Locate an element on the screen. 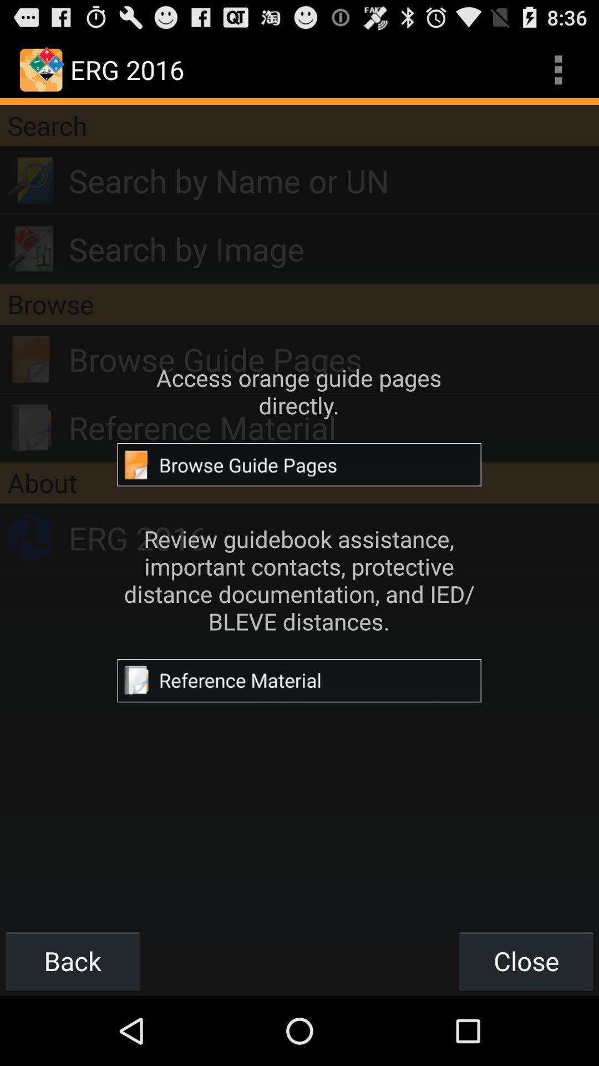  app below reference material app is located at coordinates (299, 482).